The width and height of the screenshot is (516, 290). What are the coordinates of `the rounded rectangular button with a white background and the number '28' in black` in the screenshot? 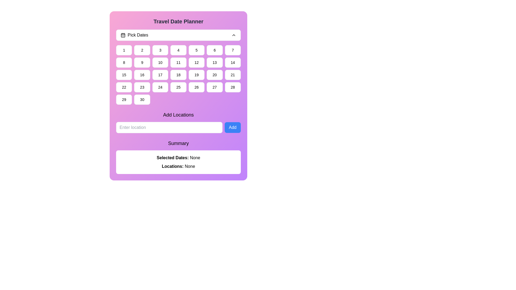 It's located at (232, 87).